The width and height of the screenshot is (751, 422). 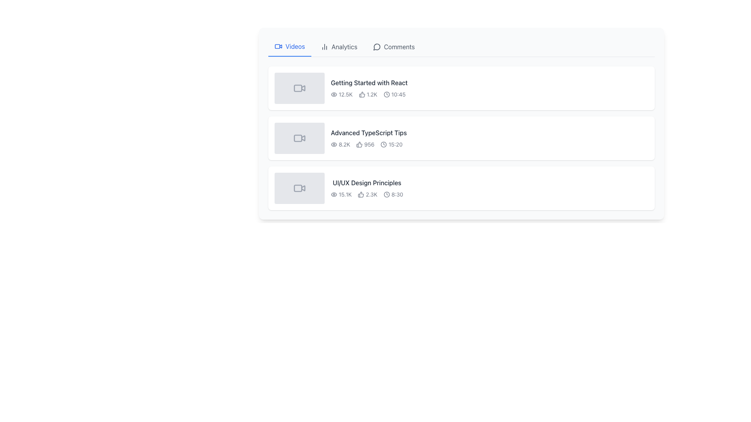 I want to click on the count displayed by the text component showing the view count for the second video entry in the metadata group, so click(x=340, y=145).